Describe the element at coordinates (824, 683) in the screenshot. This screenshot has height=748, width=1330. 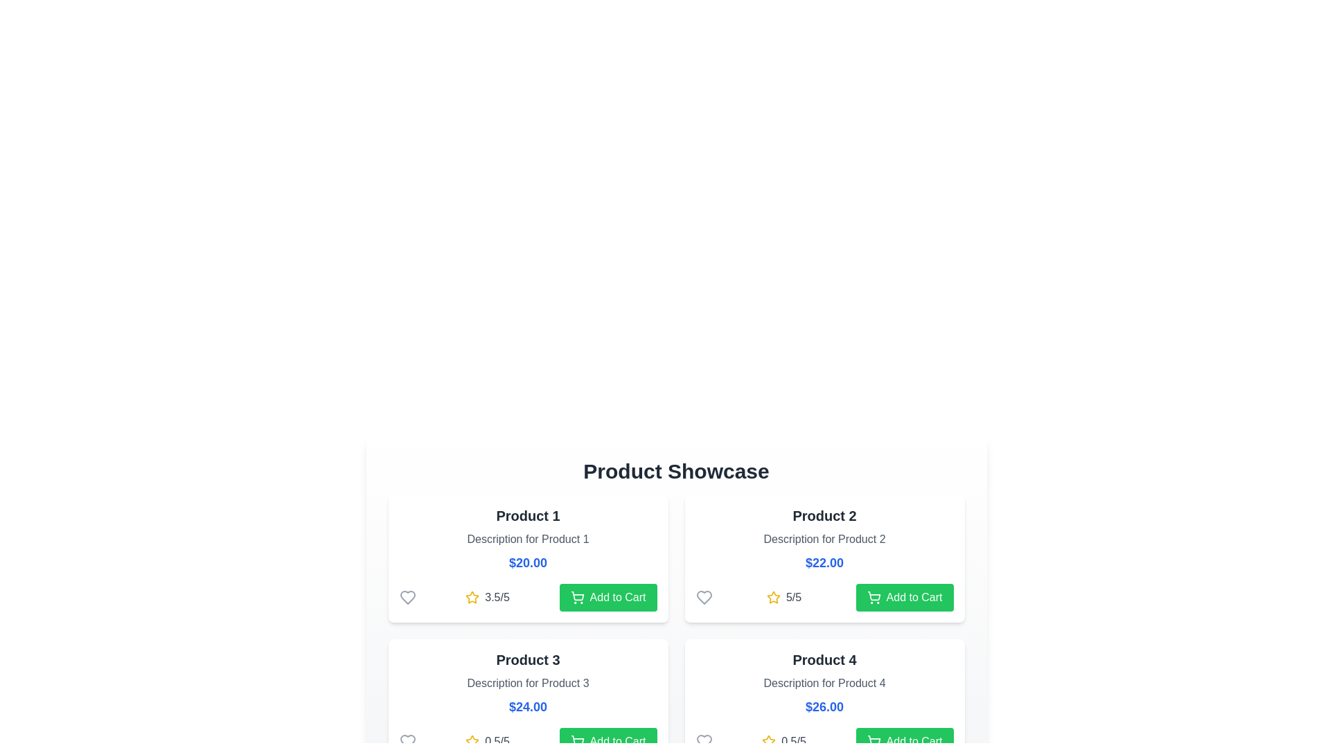
I see `the text label that provides a description for 'Product 4', positioned below the title and above the price information` at that location.